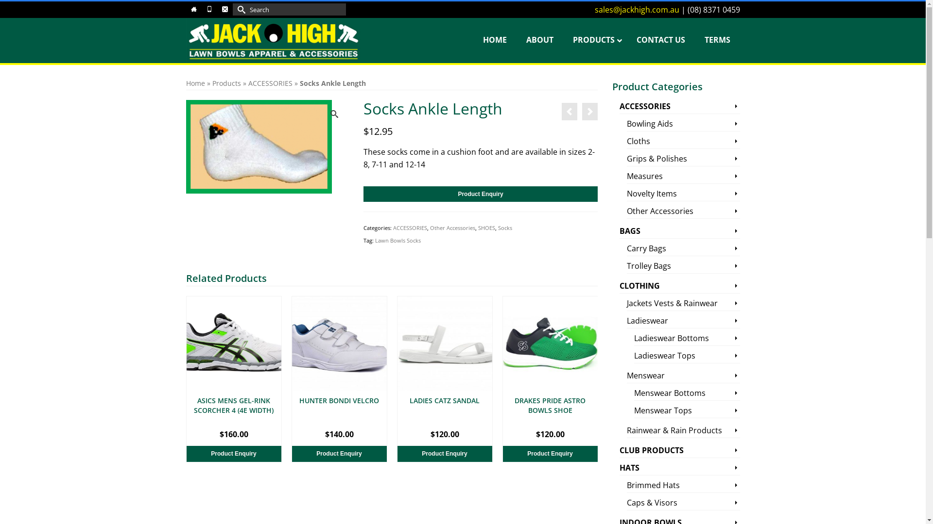 This screenshot has height=524, width=933. Describe the element at coordinates (679, 285) in the screenshot. I see `'CLOTHING'` at that location.